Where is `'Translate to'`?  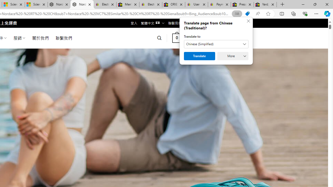 'Translate to' is located at coordinates (216, 44).